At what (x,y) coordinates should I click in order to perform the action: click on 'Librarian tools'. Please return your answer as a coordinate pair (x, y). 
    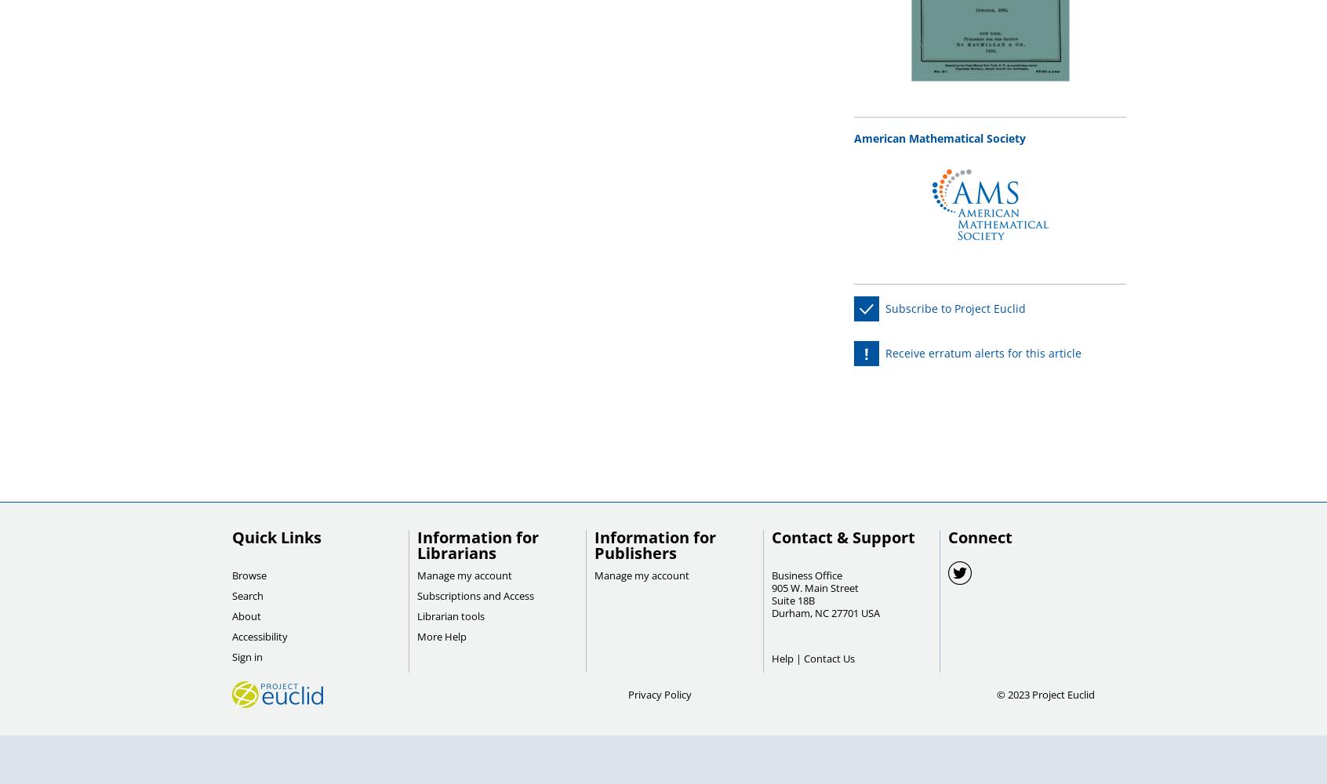
    Looking at the image, I should click on (449, 616).